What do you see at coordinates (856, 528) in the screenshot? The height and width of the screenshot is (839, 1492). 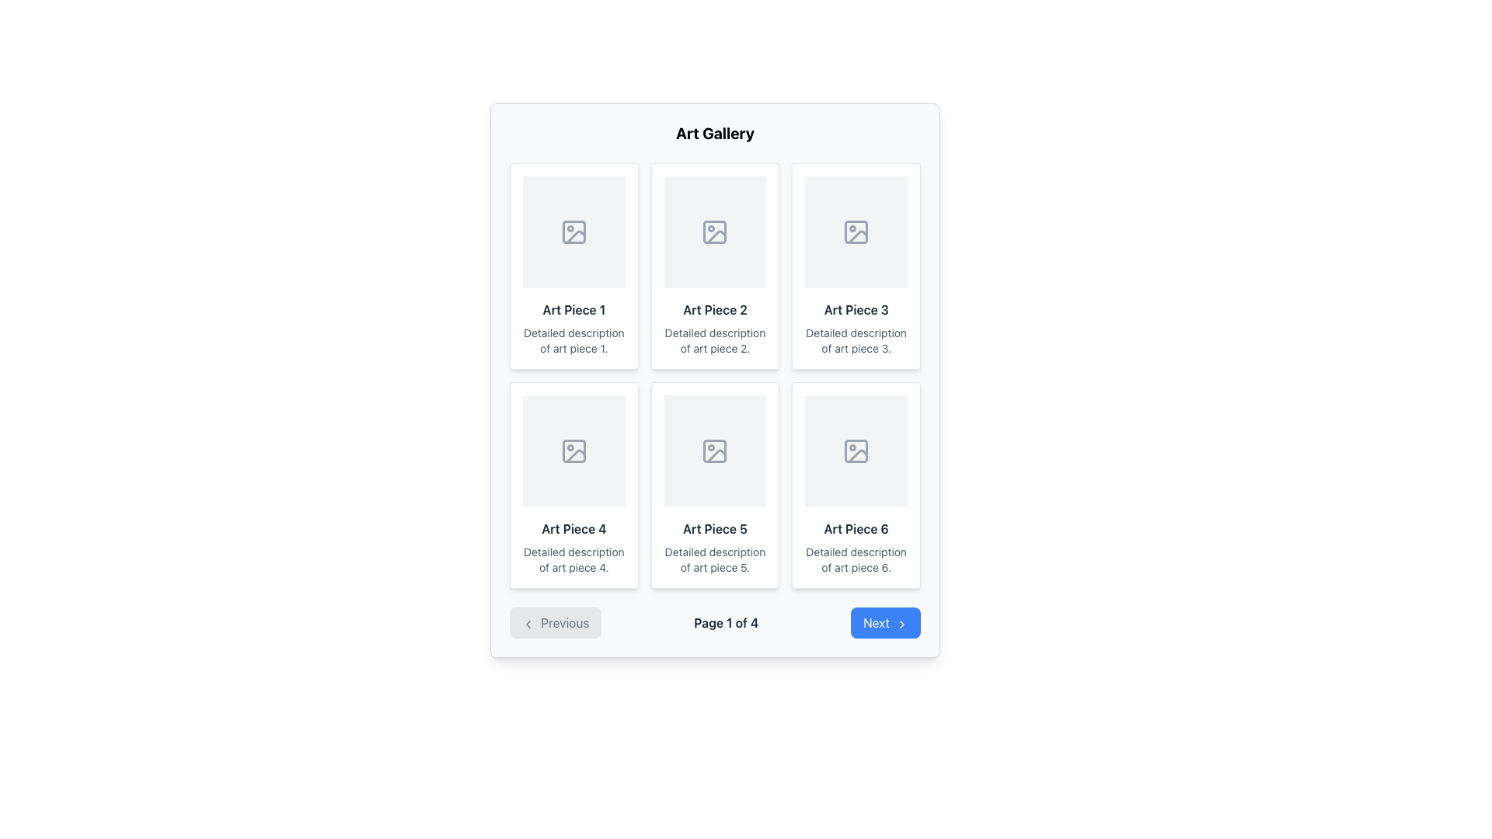 I see `the text label displaying 'Art Piece 6' which is styled in bold dark gray and located at the bottom of the sixth card in a 3x2 grid layout` at bounding box center [856, 528].